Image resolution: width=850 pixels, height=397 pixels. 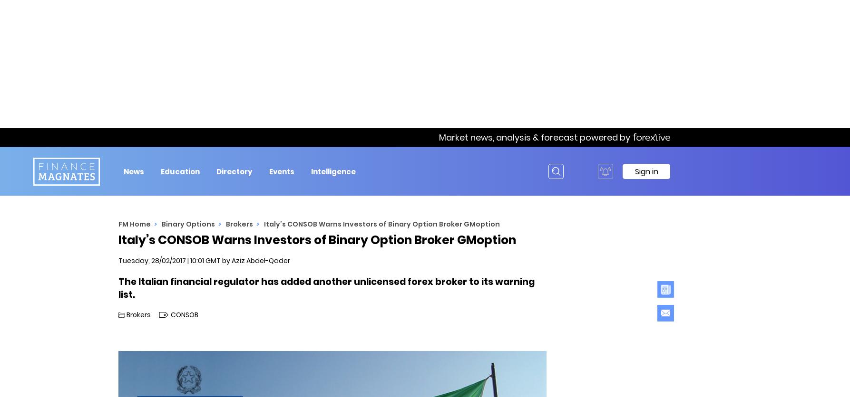 I want to click on 'Education', so click(x=180, y=170).